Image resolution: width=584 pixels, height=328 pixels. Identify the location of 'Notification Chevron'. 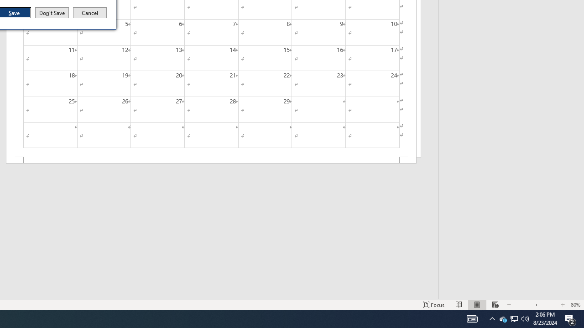
(492, 318).